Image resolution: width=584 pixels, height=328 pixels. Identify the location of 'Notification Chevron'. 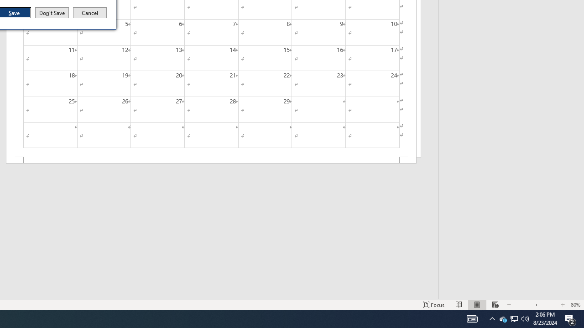
(492, 318).